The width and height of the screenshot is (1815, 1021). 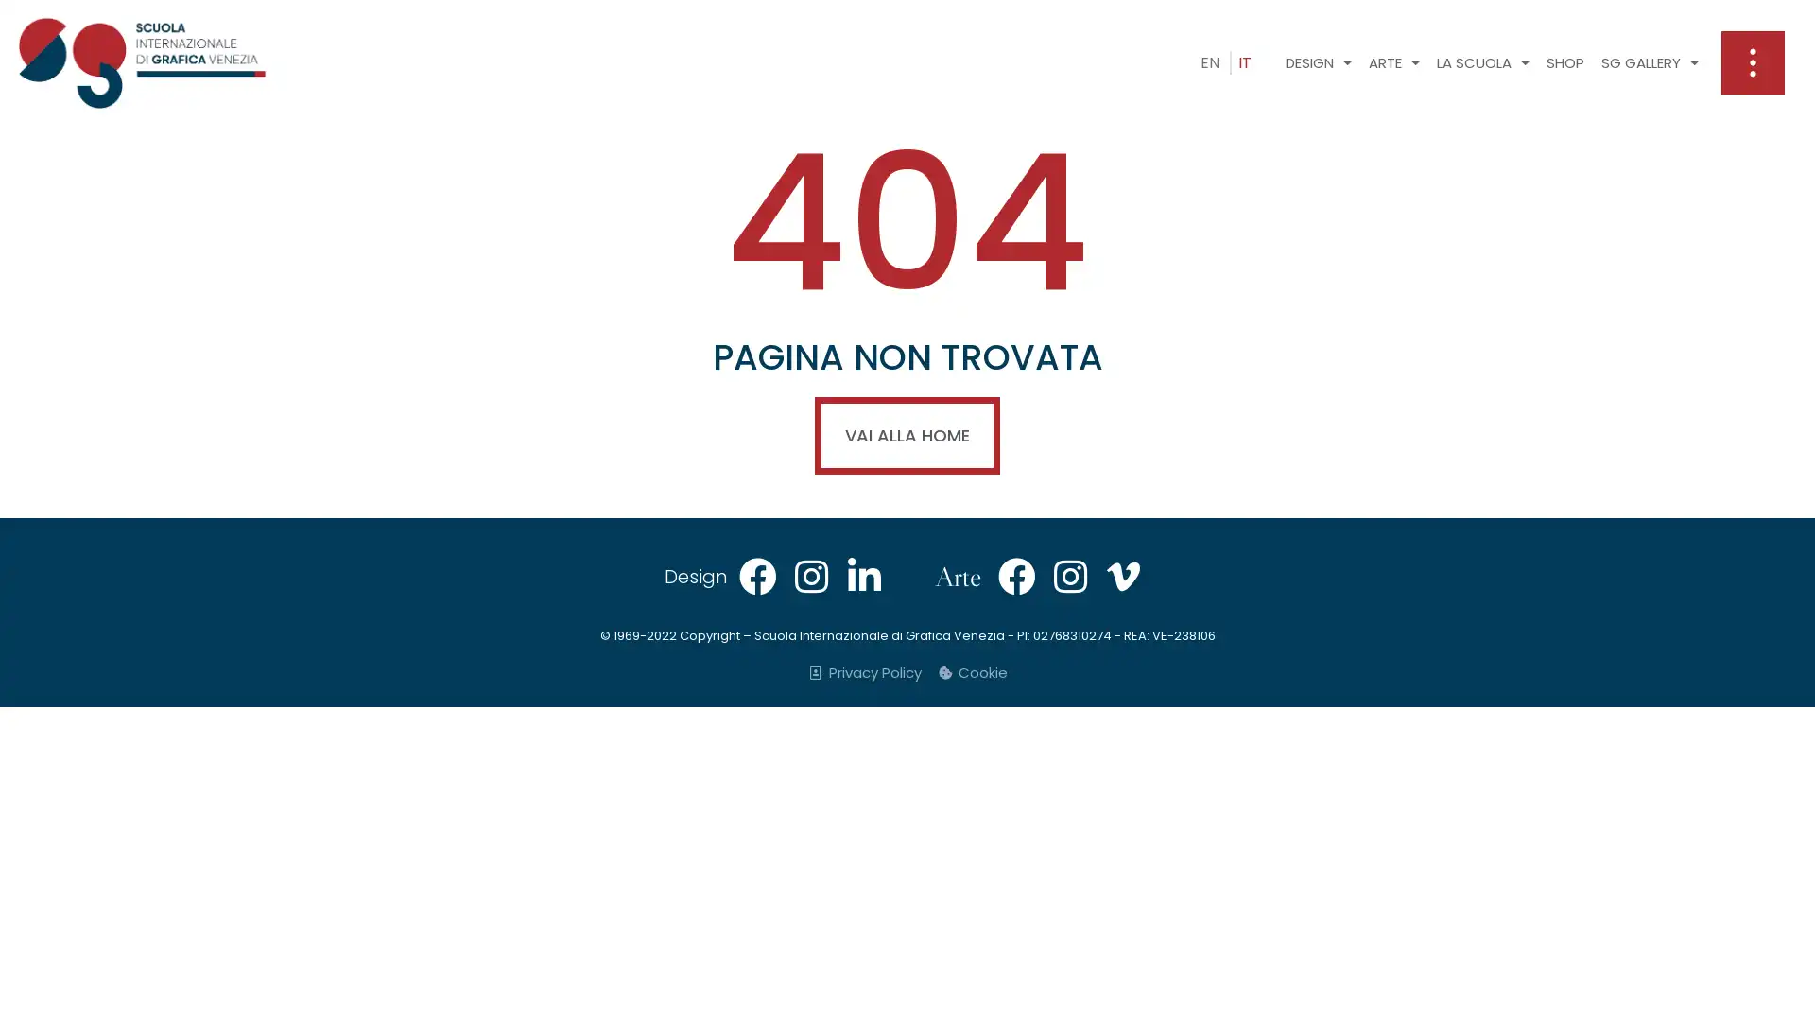 What do you see at coordinates (907, 436) in the screenshot?
I see `VAI ALLA HOME` at bounding box center [907, 436].